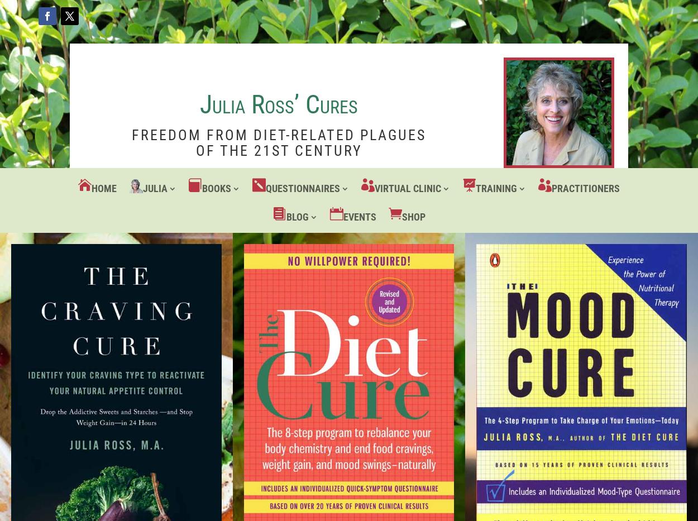 Image resolution: width=698 pixels, height=521 pixels. What do you see at coordinates (278, 133) in the screenshot?
I see `'Freedom from diet-related plagues'` at bounding box center [278, 133].